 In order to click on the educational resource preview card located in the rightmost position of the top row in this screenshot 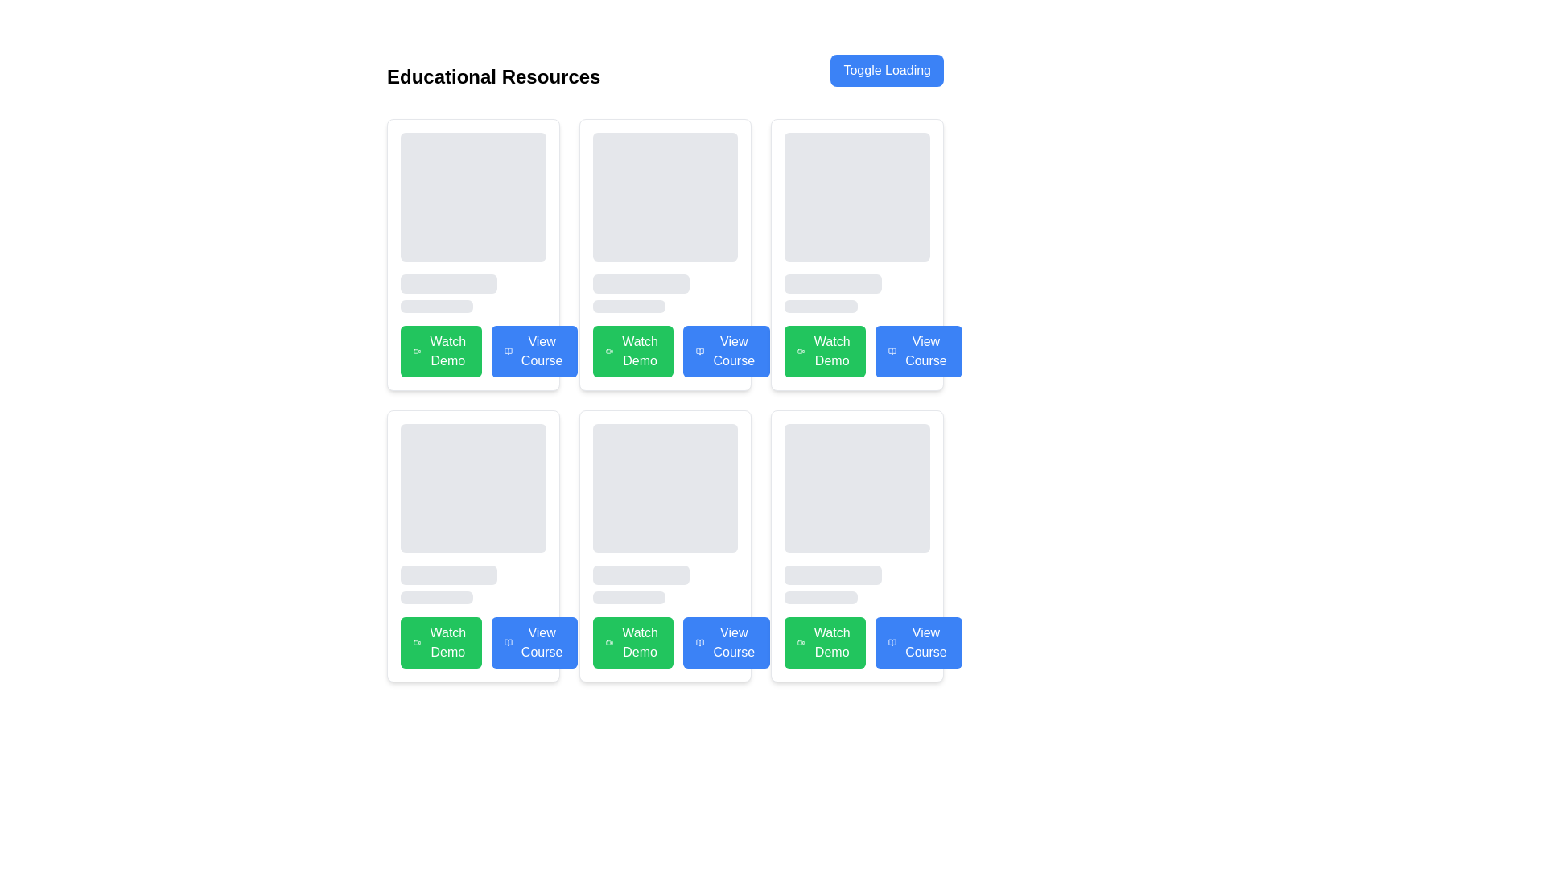, I will do `click(856, 253)`.